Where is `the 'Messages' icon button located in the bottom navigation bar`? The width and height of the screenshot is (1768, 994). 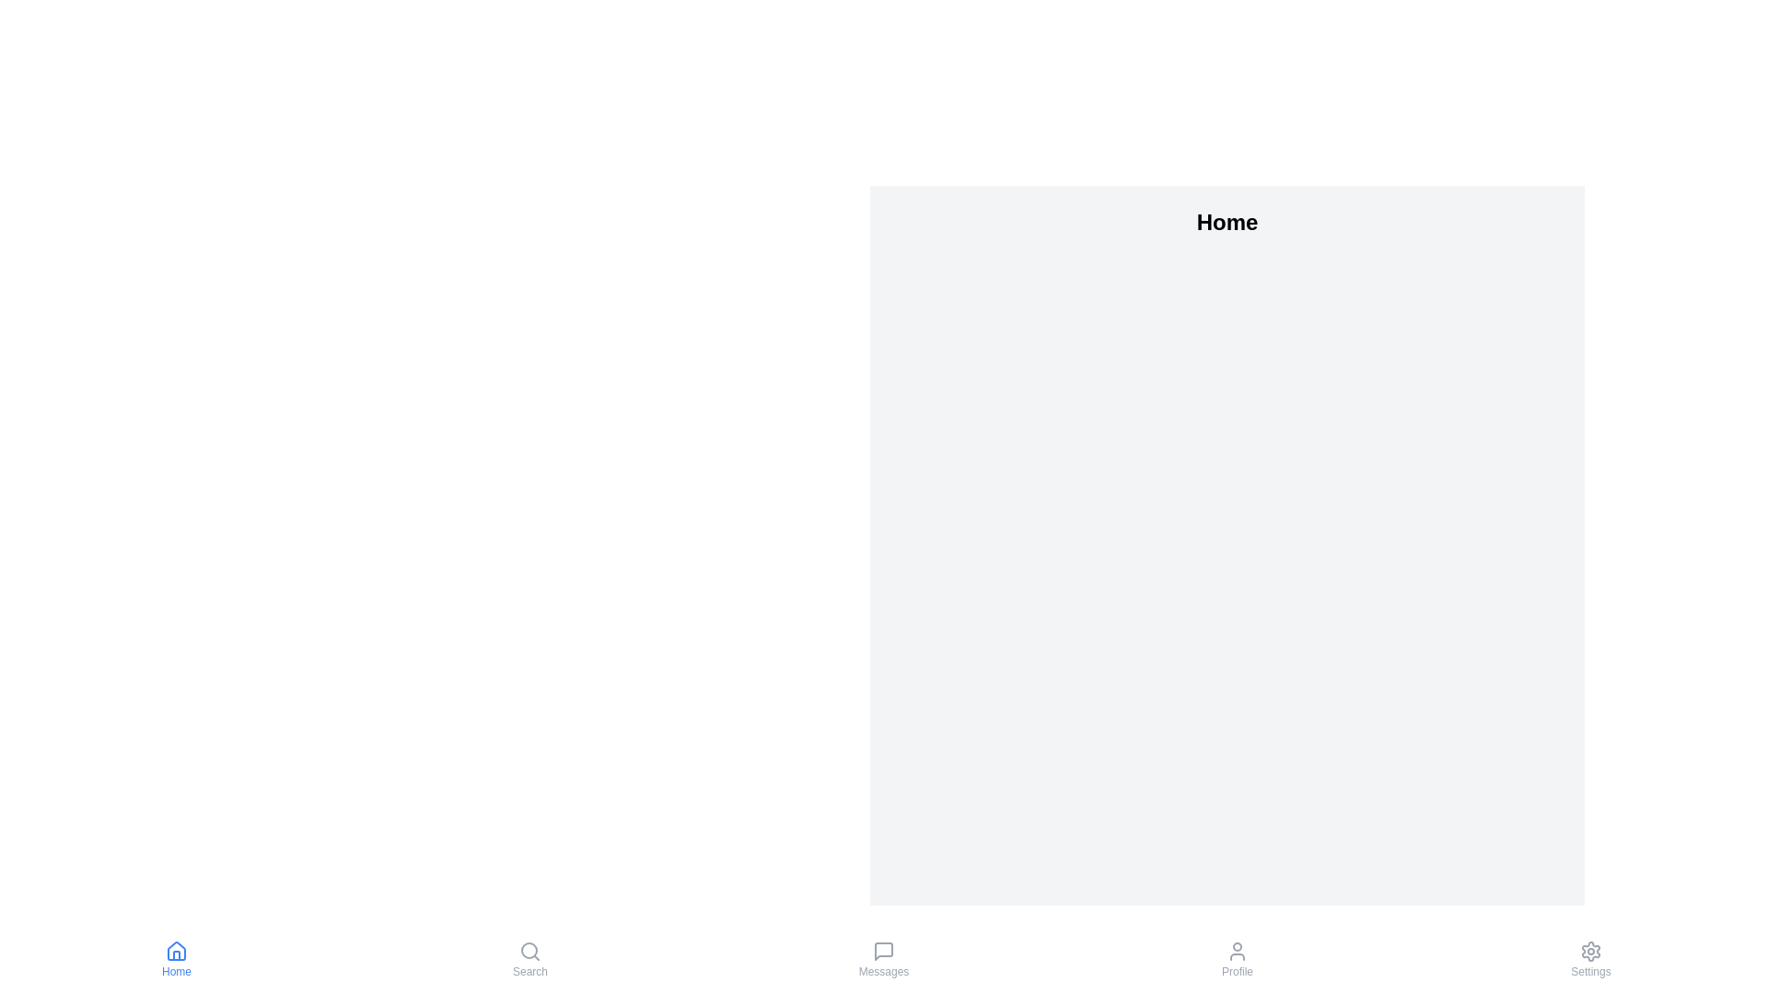
the 'Messages' icon button located in the bottom navigation bar is located at coordinates (884, 951).